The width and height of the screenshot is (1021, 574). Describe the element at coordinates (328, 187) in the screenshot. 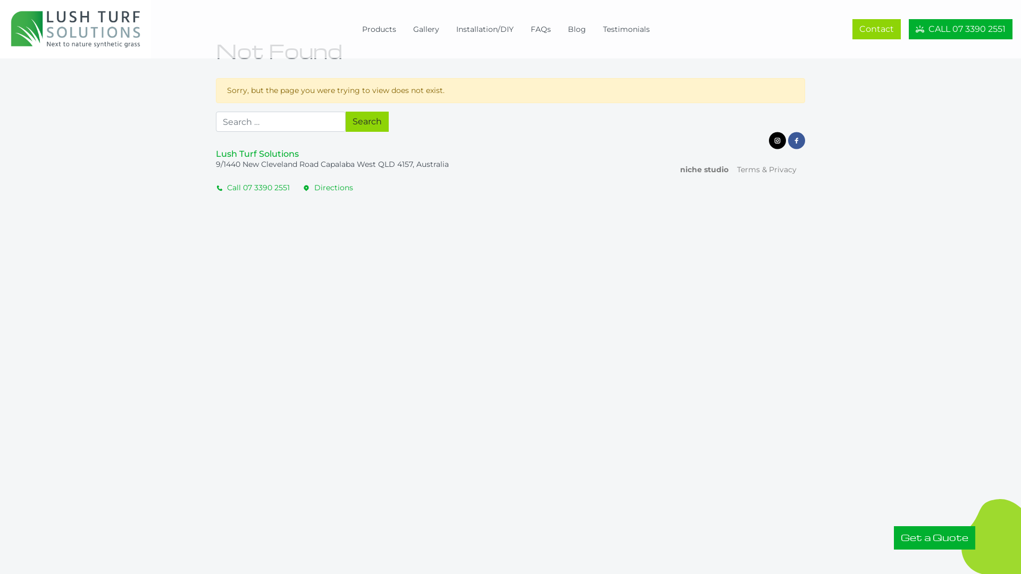

I see `'Directions'` at that location.